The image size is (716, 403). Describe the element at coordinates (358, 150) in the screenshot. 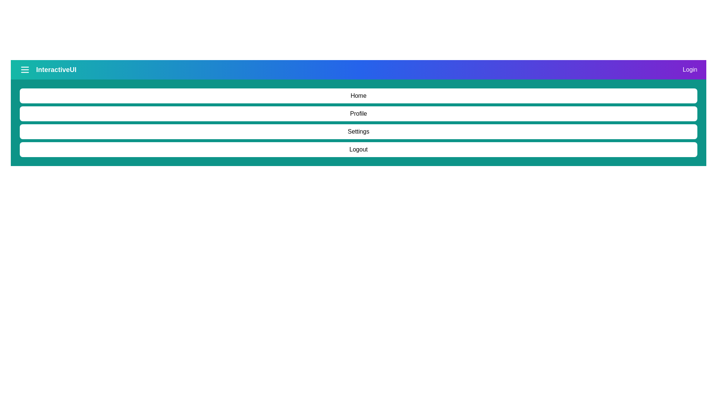

I see `the menu option Logout from the DynamicAppBar` at that location.